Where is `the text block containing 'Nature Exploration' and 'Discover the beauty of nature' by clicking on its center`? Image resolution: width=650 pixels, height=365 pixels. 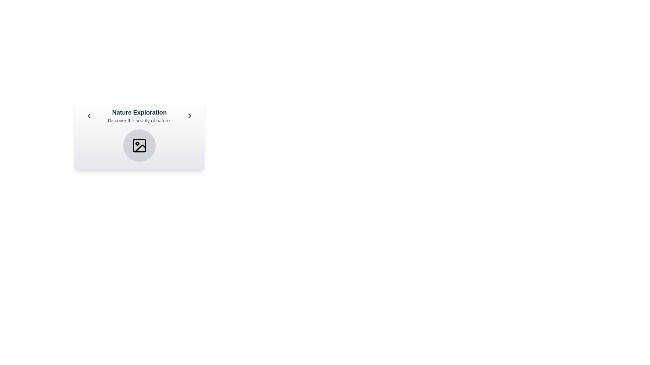
the text block containing 'Nature Exploration' and 'Discover the beauty of nature' by clicking on its center is located at coordinates (139, 116).